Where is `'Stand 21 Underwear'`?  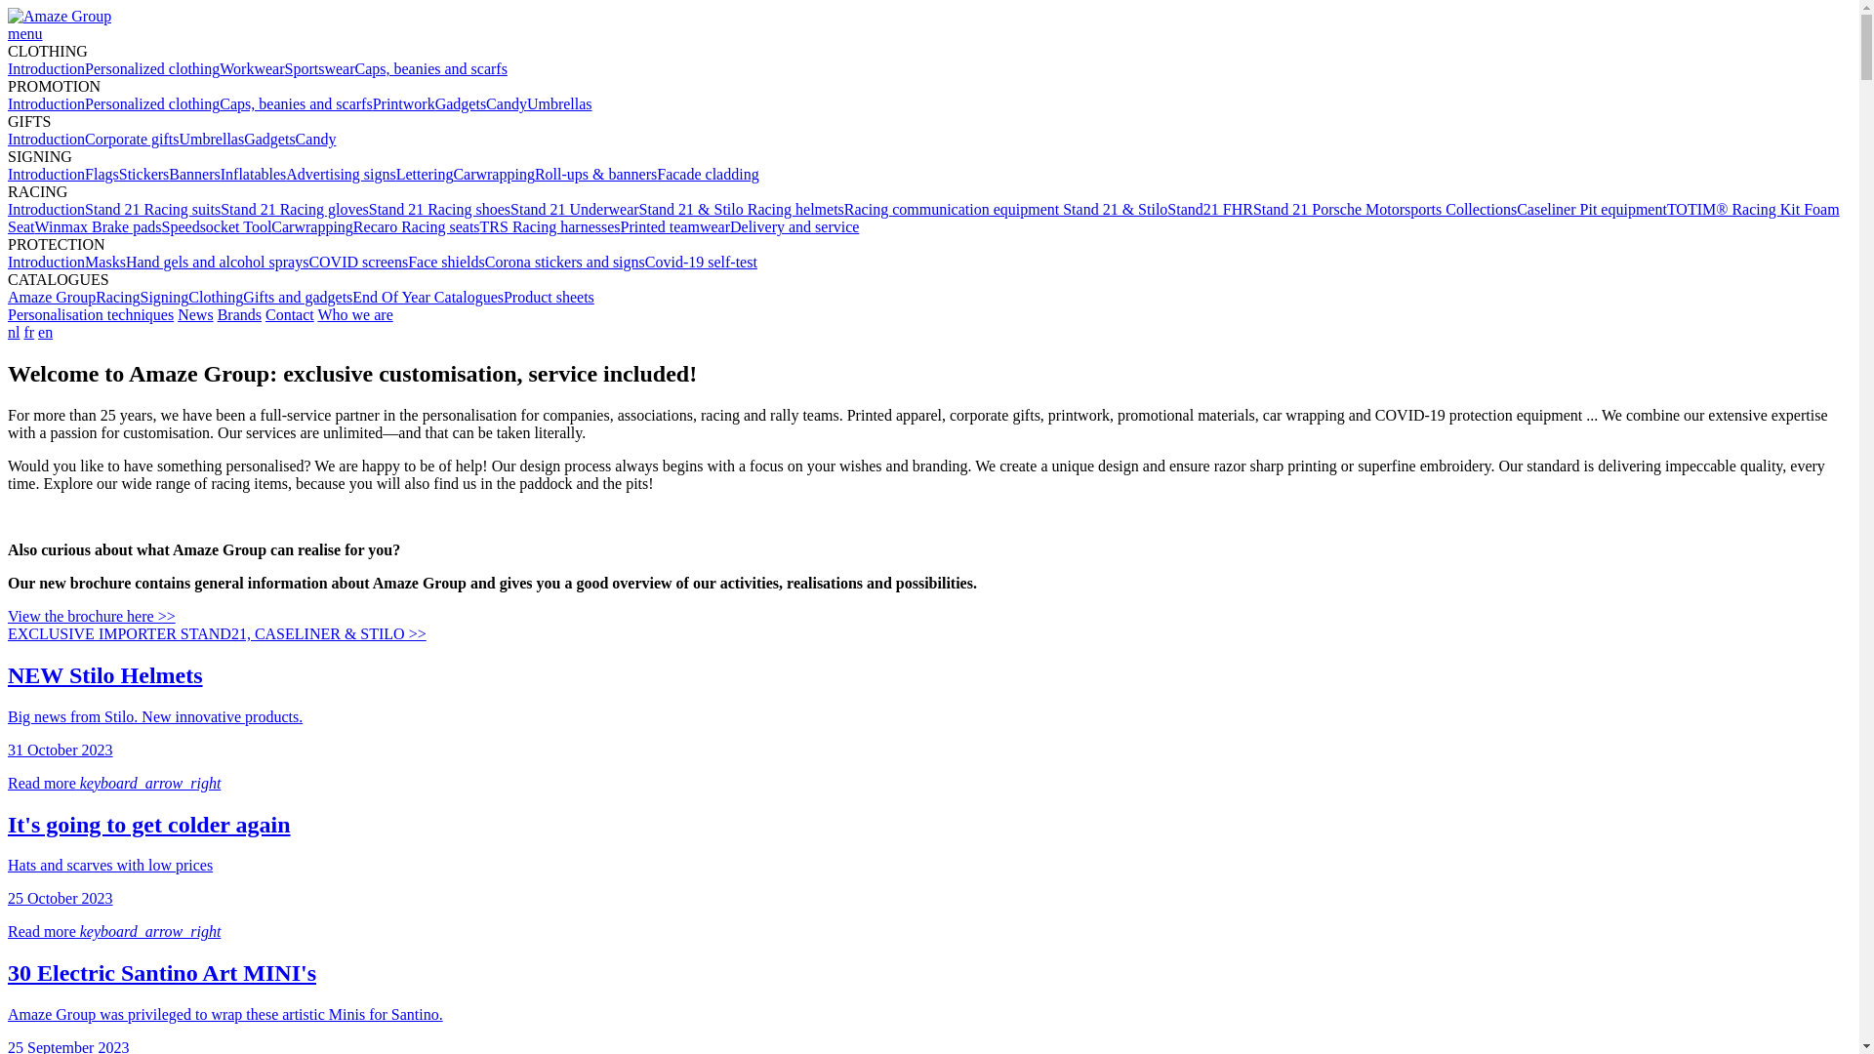 'Stand 21 Underwear' is located at coordinates (574, 209).